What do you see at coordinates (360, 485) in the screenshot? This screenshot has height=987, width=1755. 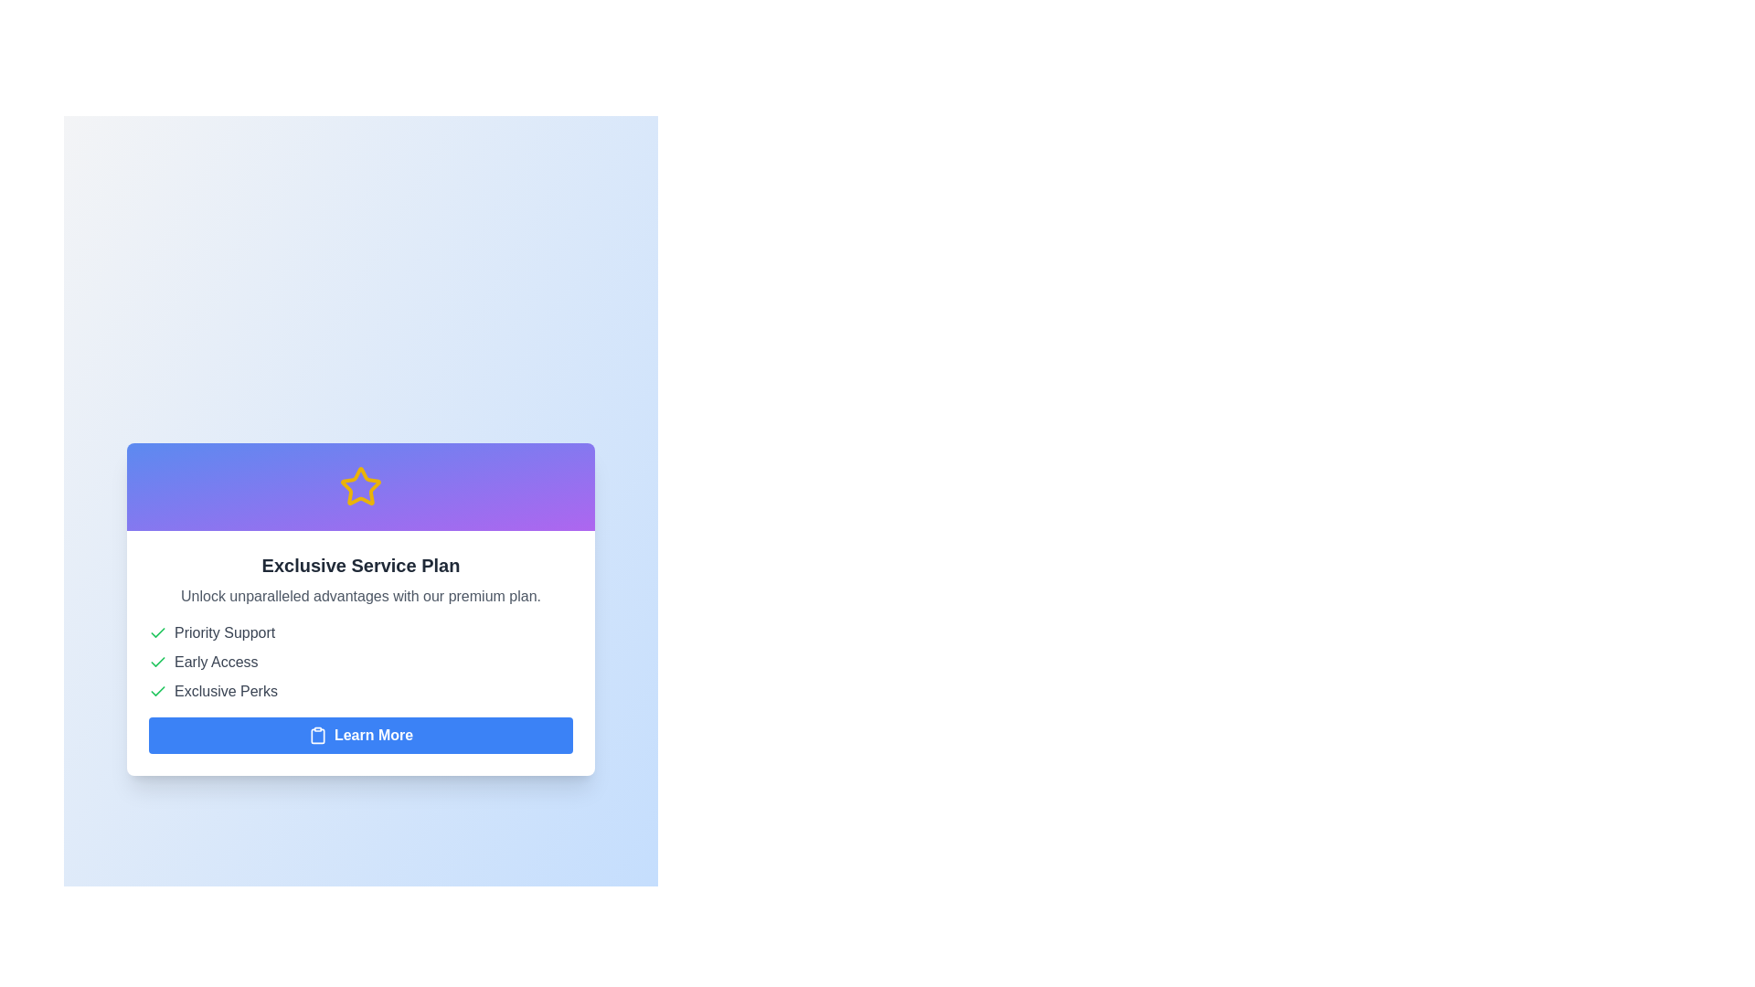 I see `the five-pointed star icon with a yellow outline and a purple background, which is located at the top of a card-like layout, centered above the primary heading text` at bounding box center [360, 485].